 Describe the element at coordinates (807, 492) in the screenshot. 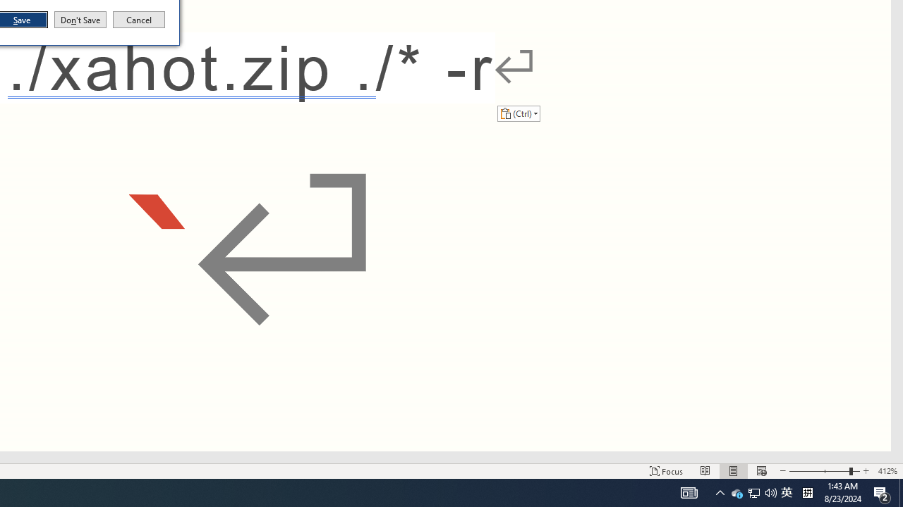

I see `'Tray Input Indicator - Chinese (Simplified, China)'` at that location.